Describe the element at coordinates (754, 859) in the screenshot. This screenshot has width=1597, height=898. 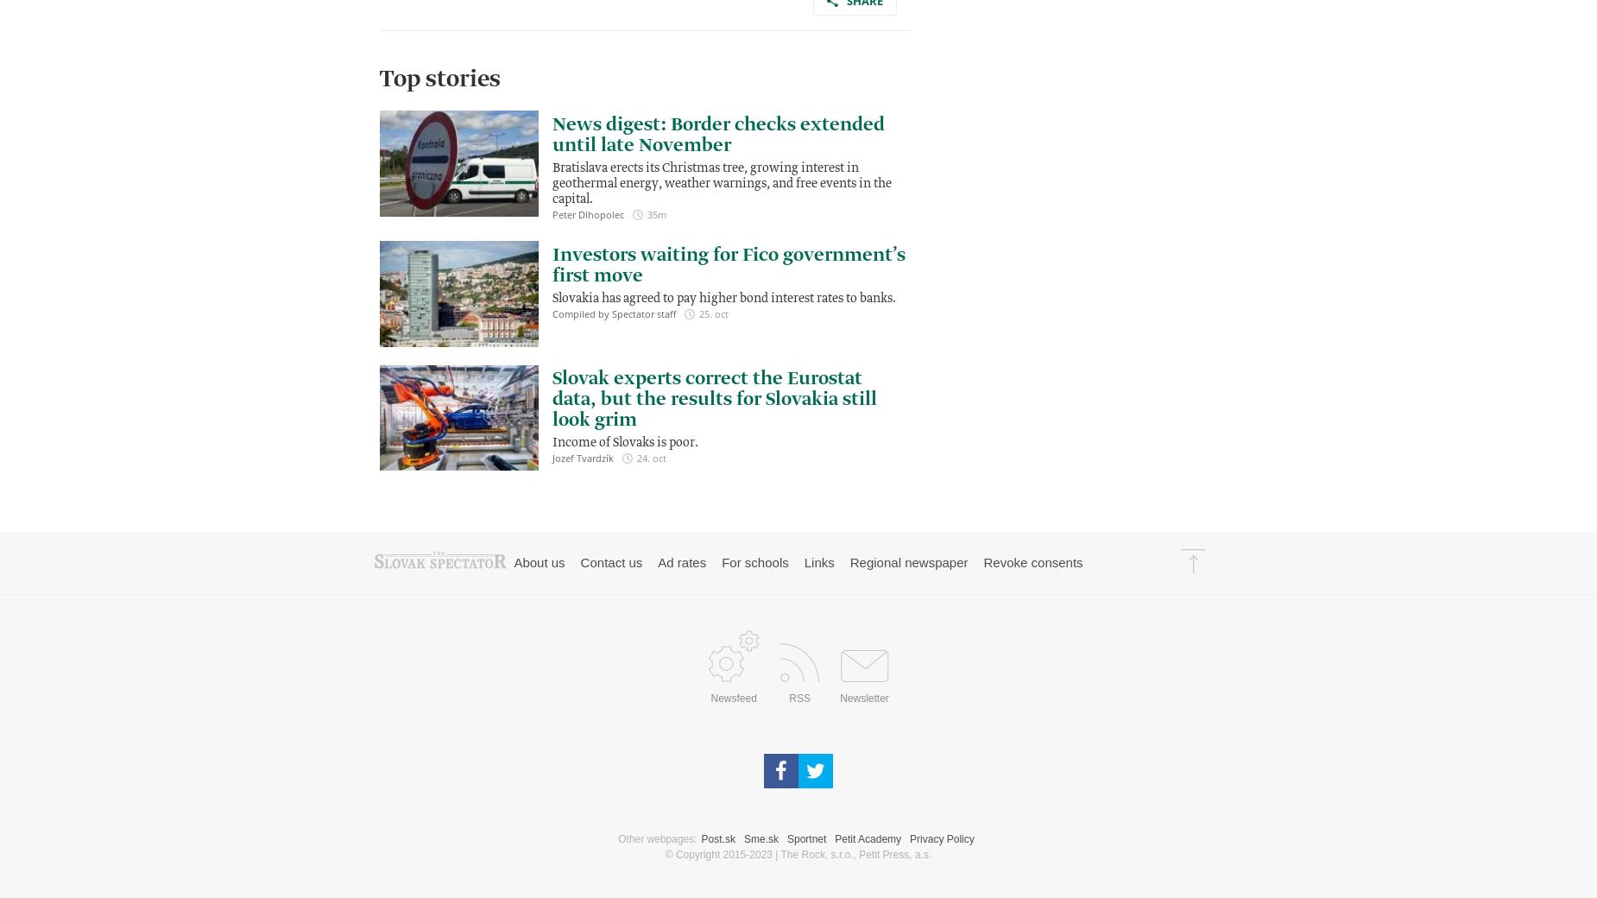
I see `'For
schools'` at that location.